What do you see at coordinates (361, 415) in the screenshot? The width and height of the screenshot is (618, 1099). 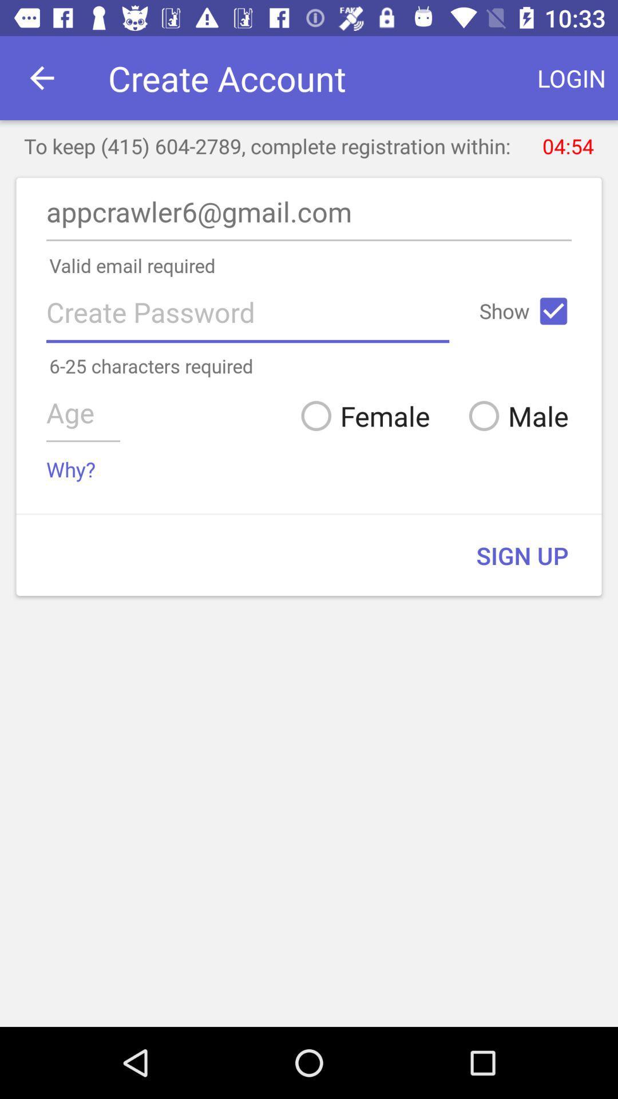 I see `the item below 6 25 characters item` at bounding box center [361, 415].